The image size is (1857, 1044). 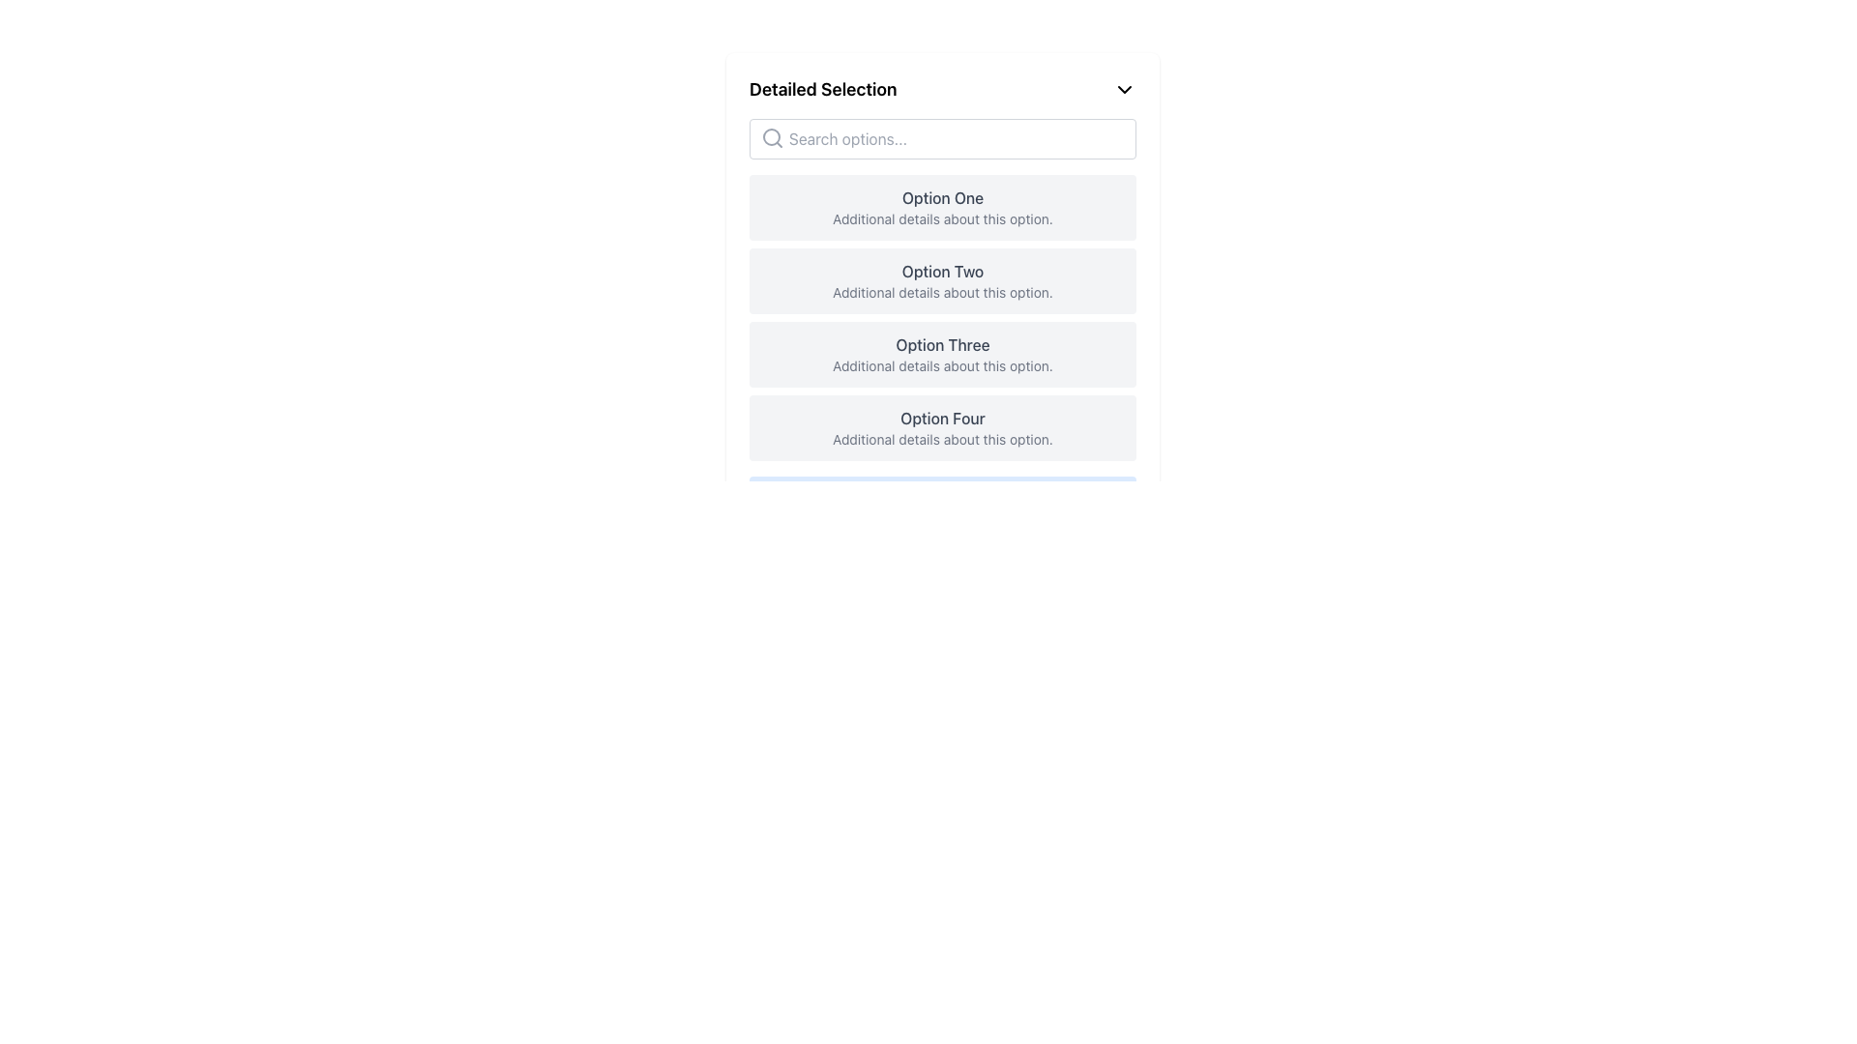 What do you see at coordinates (942, 208) in the screenshot?
I see `the light-gray button labeled 'Option One' with a subtitle 'Additional details about this option.'` at bounding box center [942, 208].